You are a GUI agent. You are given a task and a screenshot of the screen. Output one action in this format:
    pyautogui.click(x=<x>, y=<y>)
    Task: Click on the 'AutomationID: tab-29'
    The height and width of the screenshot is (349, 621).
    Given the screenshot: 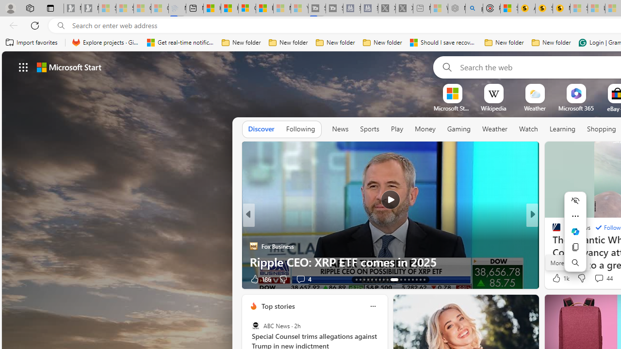 What is the action you would take?
    pyautogui.click(x=424, y=280)
    